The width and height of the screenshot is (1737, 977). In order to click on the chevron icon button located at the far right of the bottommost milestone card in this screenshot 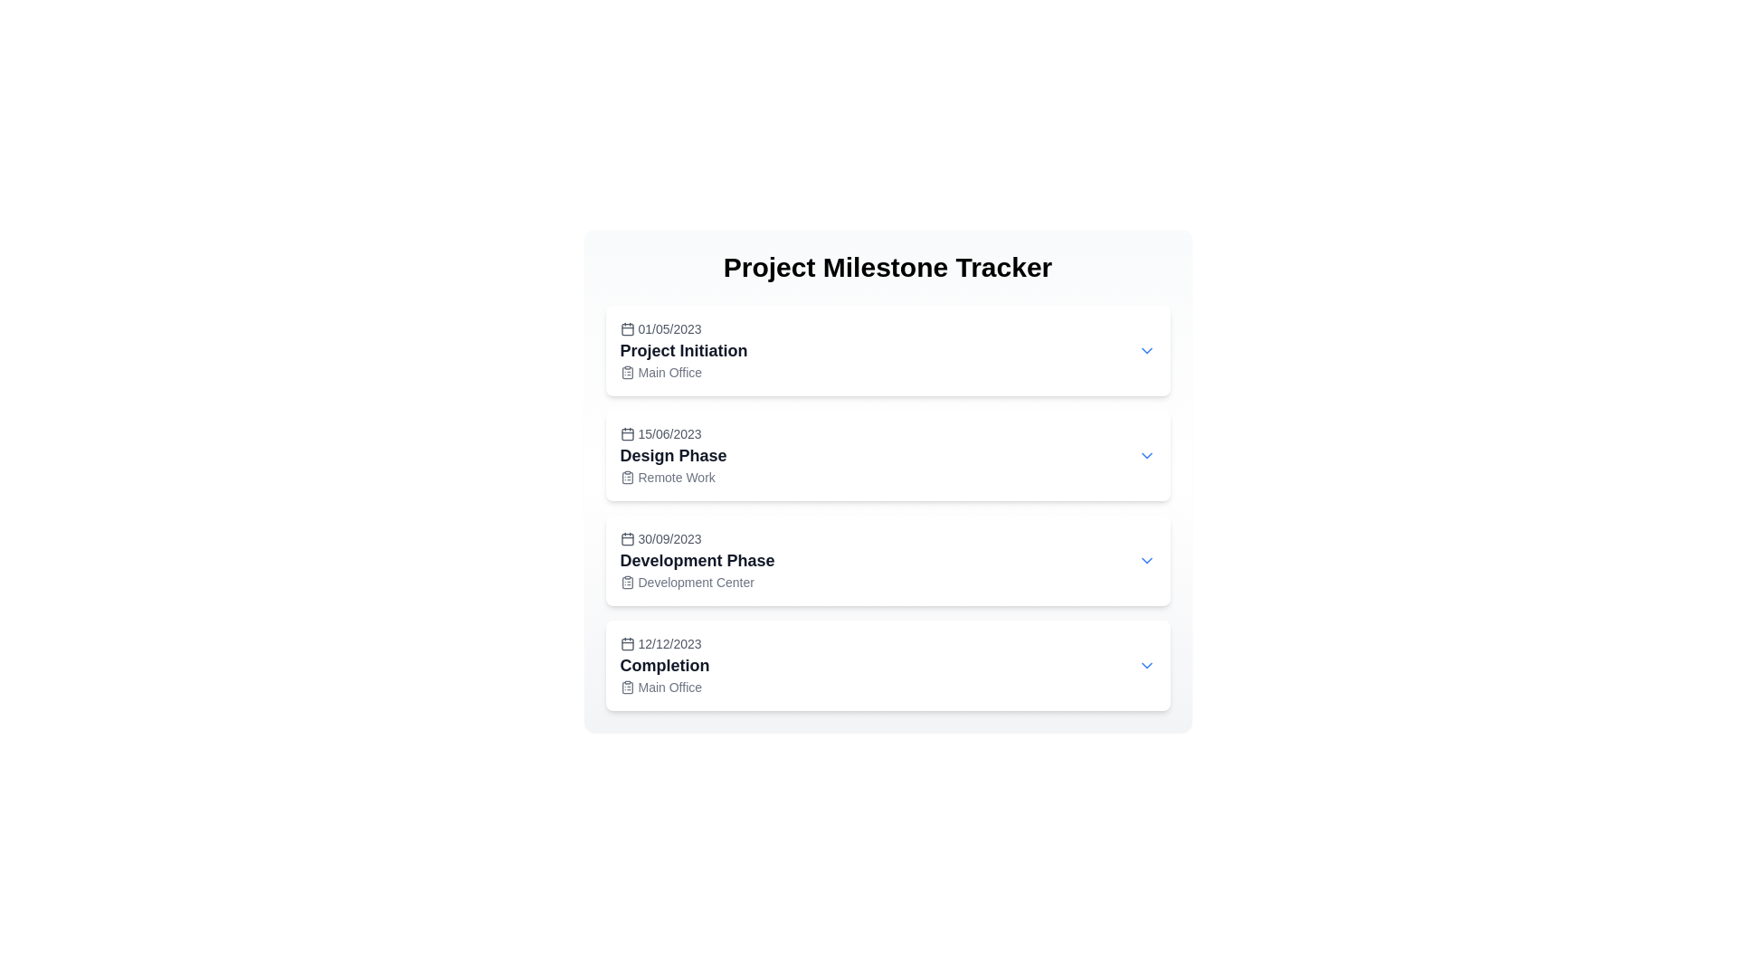, I will do `click(1145, 666)`.